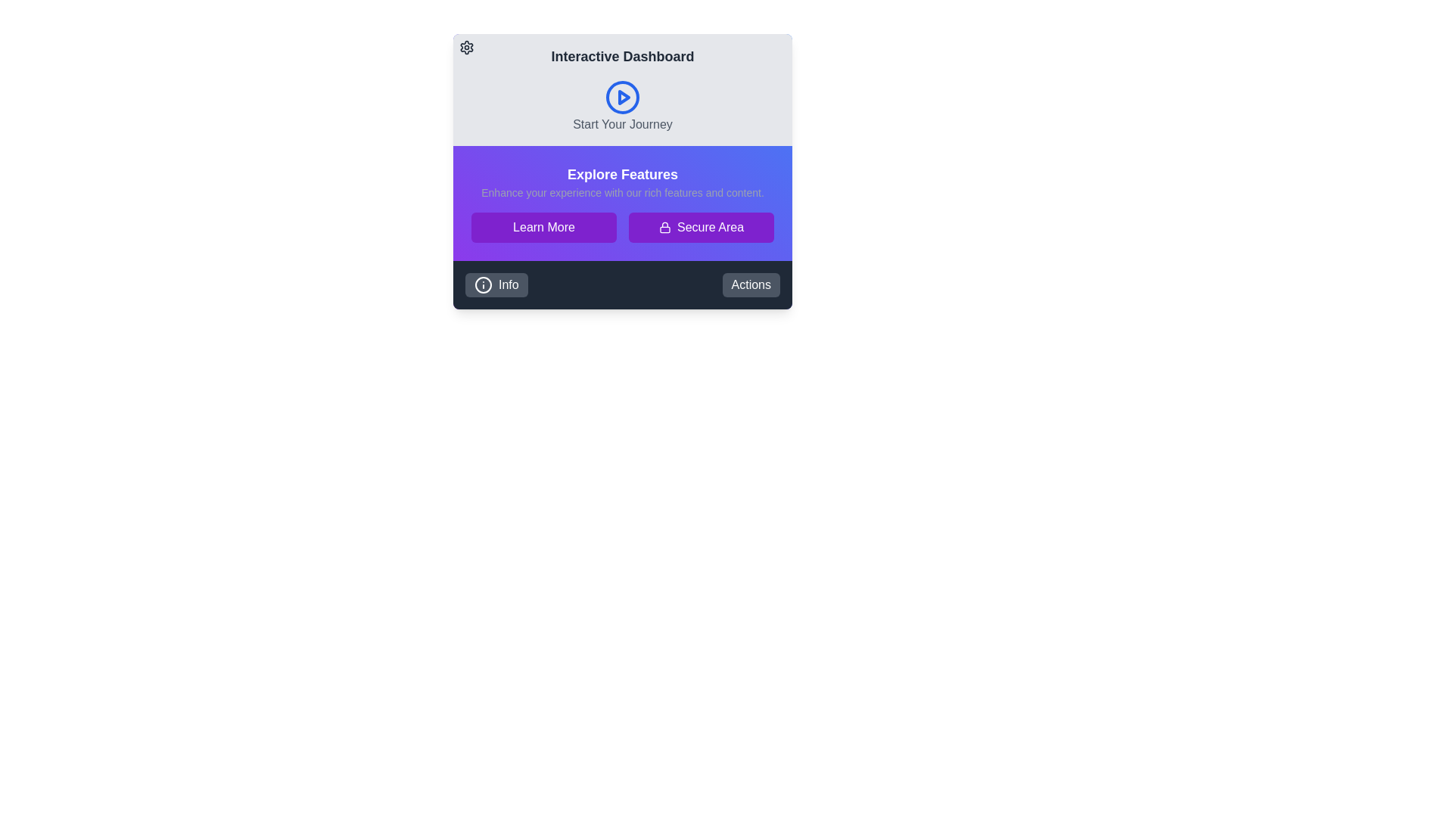  Describe the element at coordinates (622, 174) in the screenshot. I see `the text label displaying 'Explore Features' which is bold, large, and white on a purple gradient background, located at the center near the top of the purple section` at that location.